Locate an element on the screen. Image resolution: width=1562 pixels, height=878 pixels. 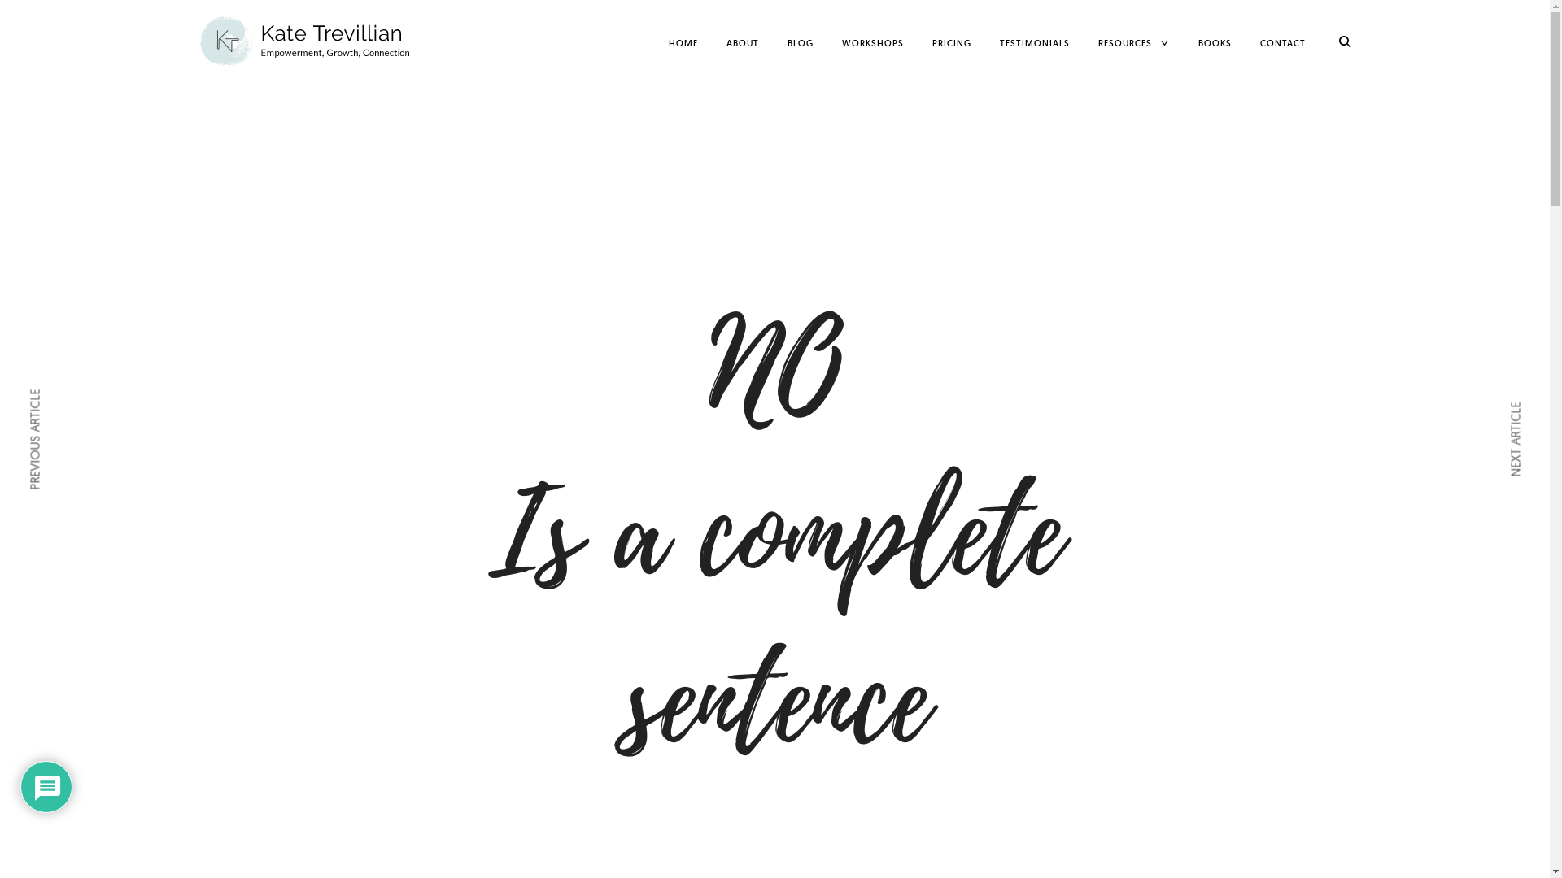
'BLOG' is located at coordinates (800, 42).